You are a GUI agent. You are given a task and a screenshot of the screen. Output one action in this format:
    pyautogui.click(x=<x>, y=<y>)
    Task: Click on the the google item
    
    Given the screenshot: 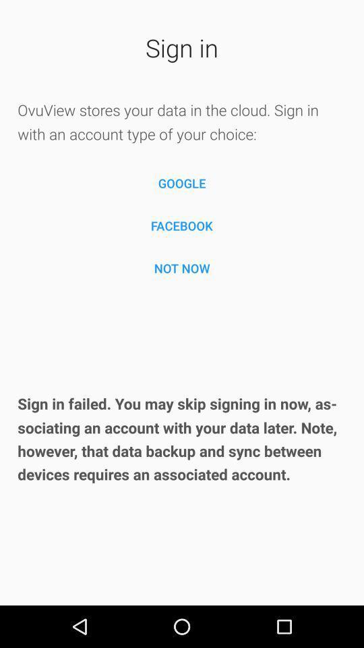 What is the action you would take?
    pyautogui.click(x=182, y=182)
    